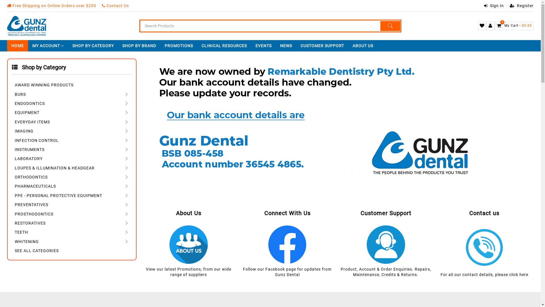 The height and width of the screenshot is (307, 545). I want to click on 'TEETH', so click(72, 232).